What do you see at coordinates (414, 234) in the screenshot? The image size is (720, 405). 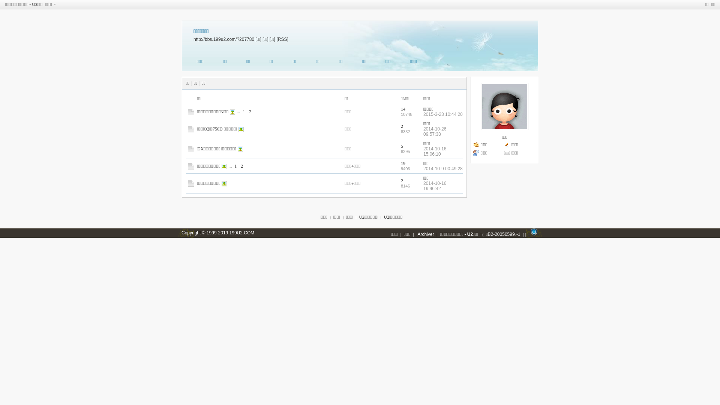 I see `'Archiver'` at bounding box center [414, 234].